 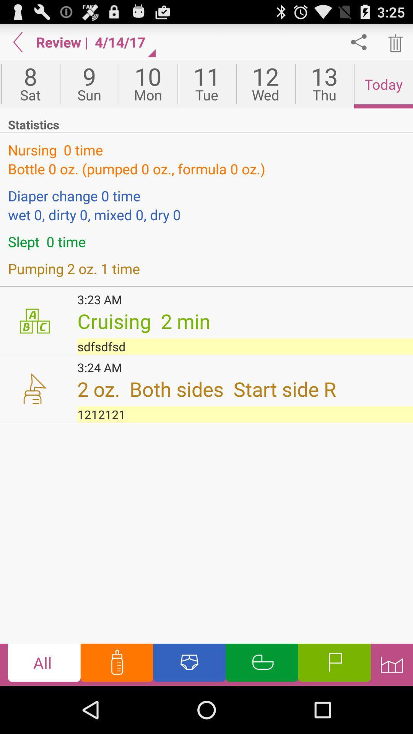 I want to click on sharing, so click(x=359, y=42).